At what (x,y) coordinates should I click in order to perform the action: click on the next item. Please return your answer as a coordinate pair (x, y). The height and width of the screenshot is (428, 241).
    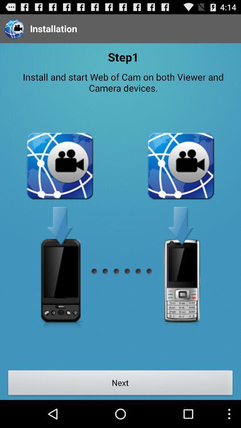
    Looking at the image, I should click on (120, 383).